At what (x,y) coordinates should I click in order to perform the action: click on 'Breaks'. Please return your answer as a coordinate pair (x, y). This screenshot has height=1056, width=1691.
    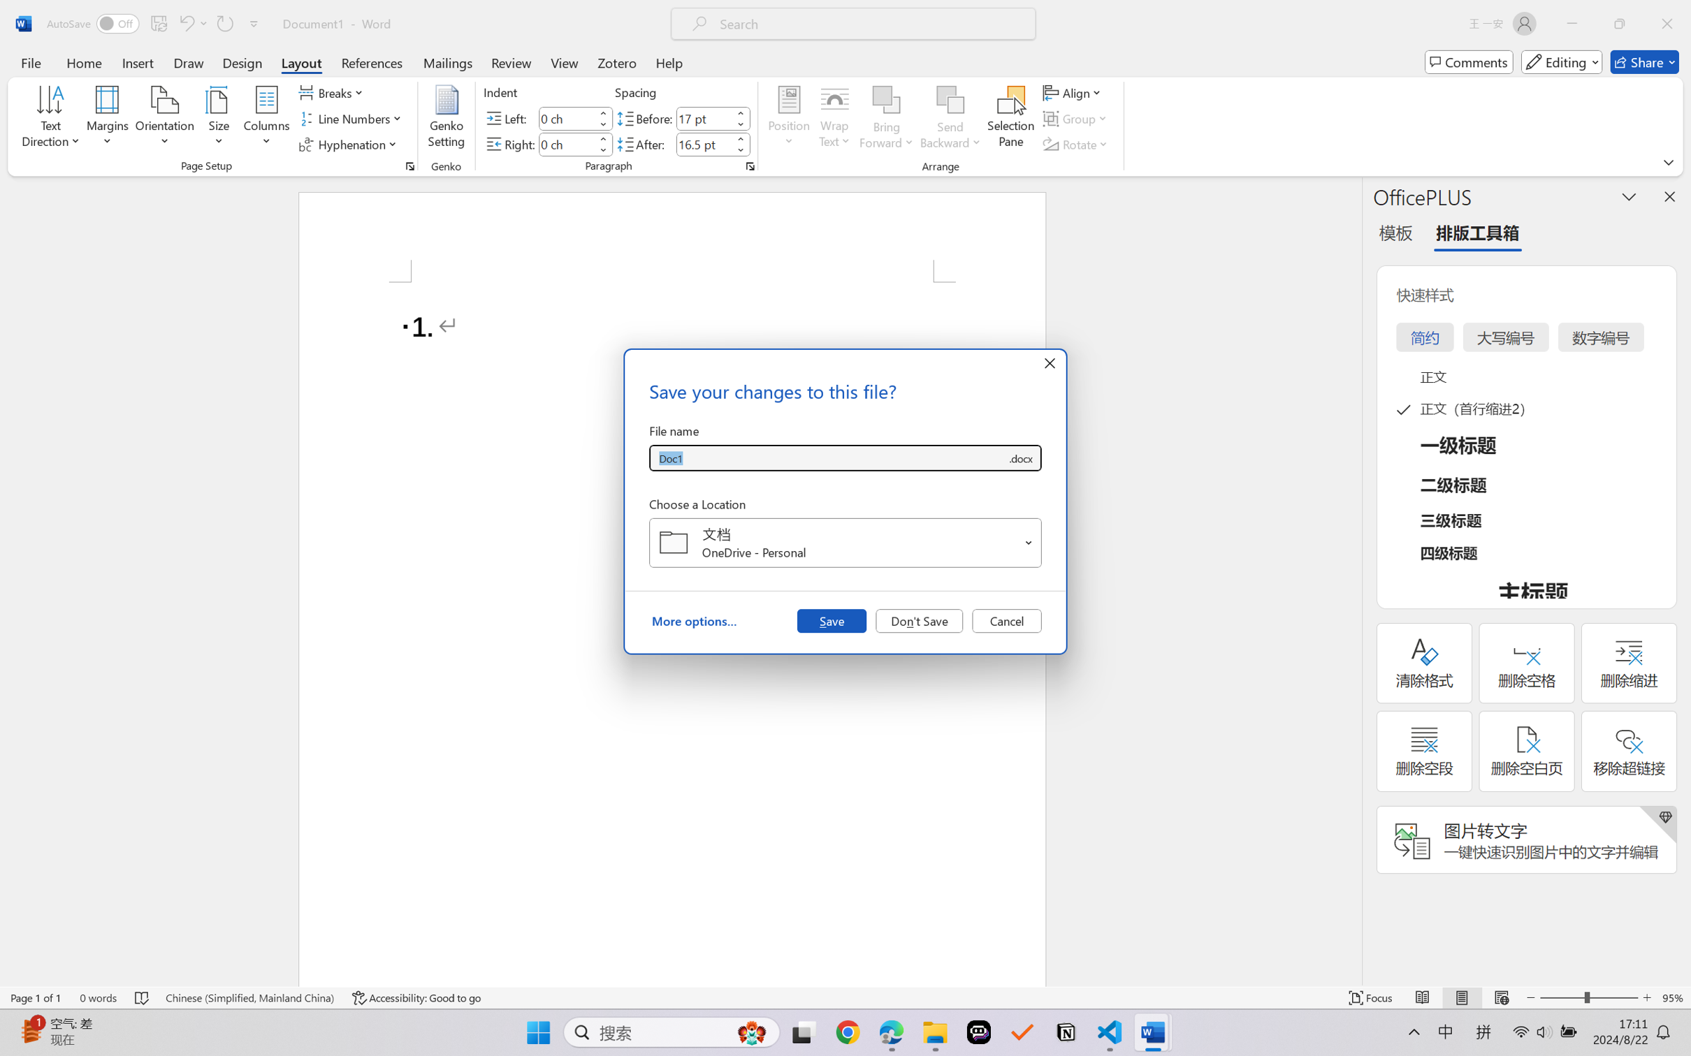
    Looking at the image, I should click on (333, 91).